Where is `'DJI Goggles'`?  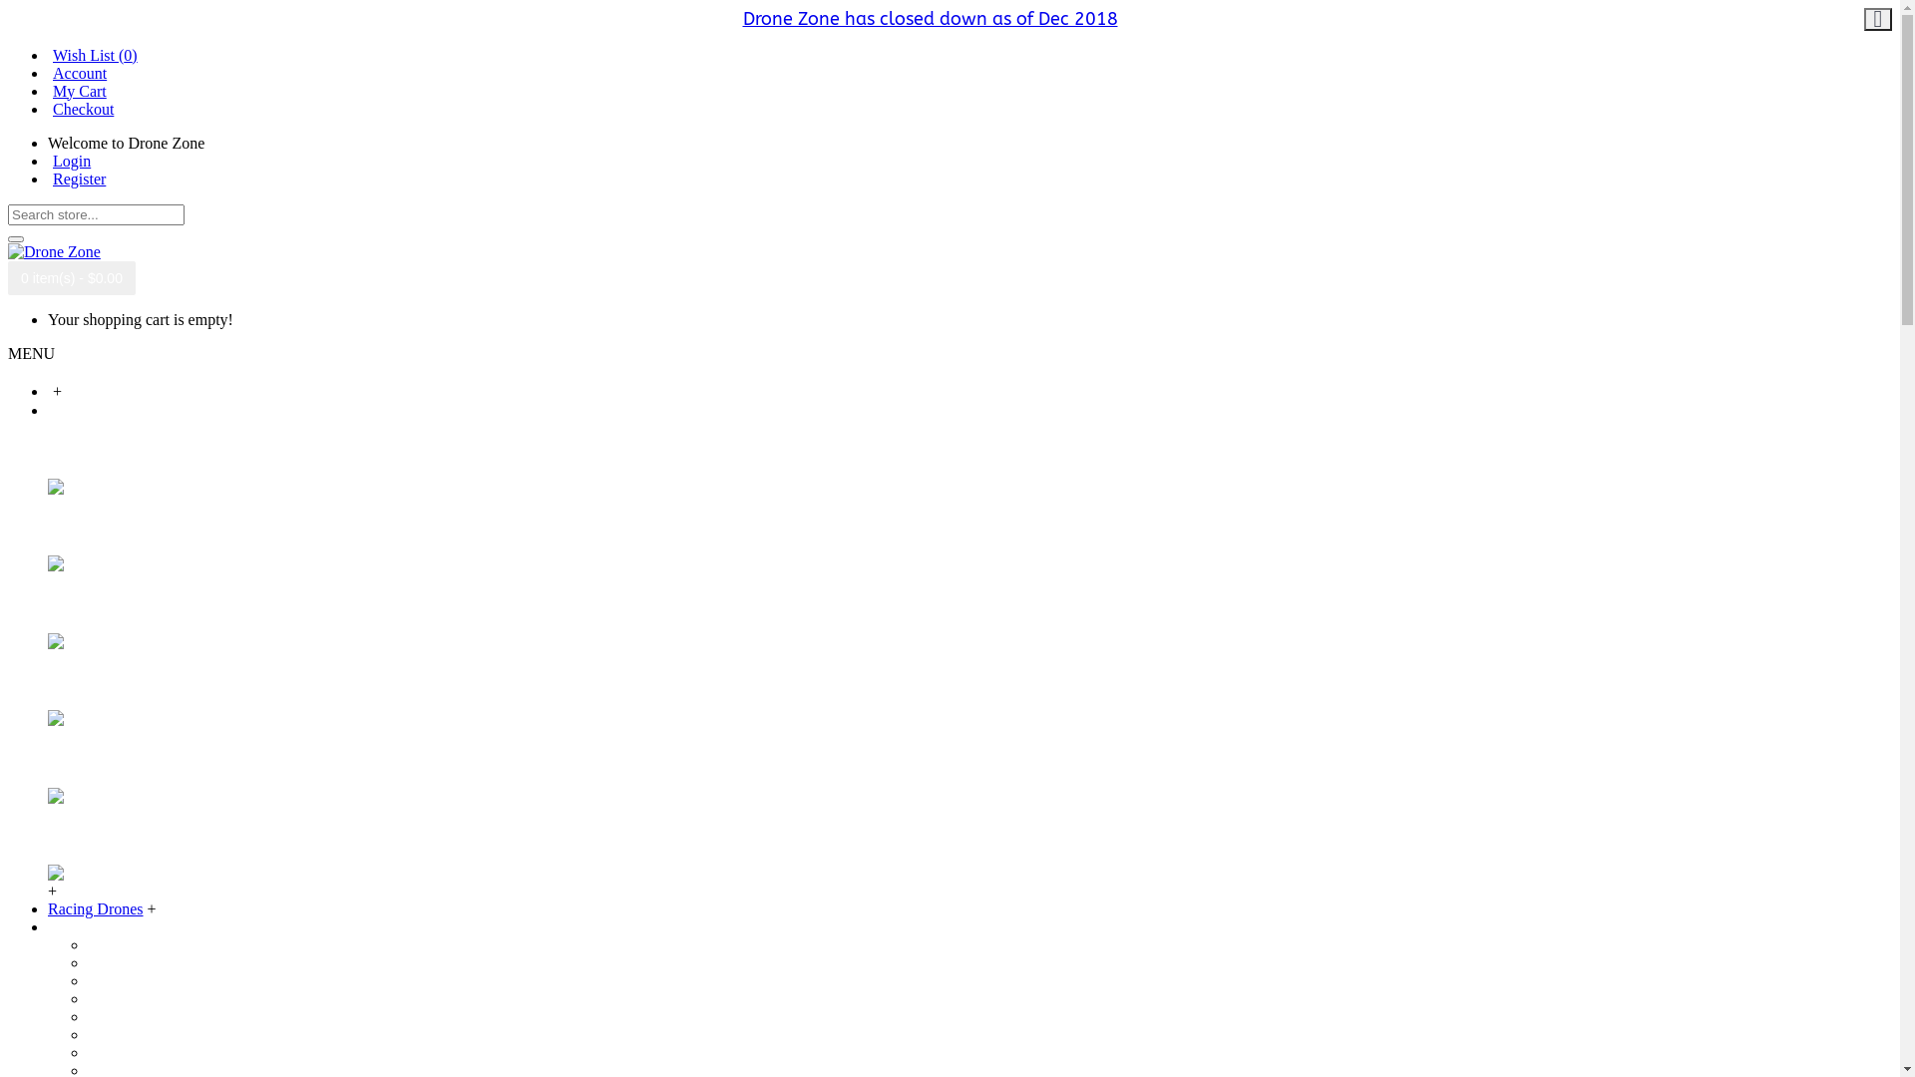 'DJI Goggles' is located at coordinates (127, 1051).